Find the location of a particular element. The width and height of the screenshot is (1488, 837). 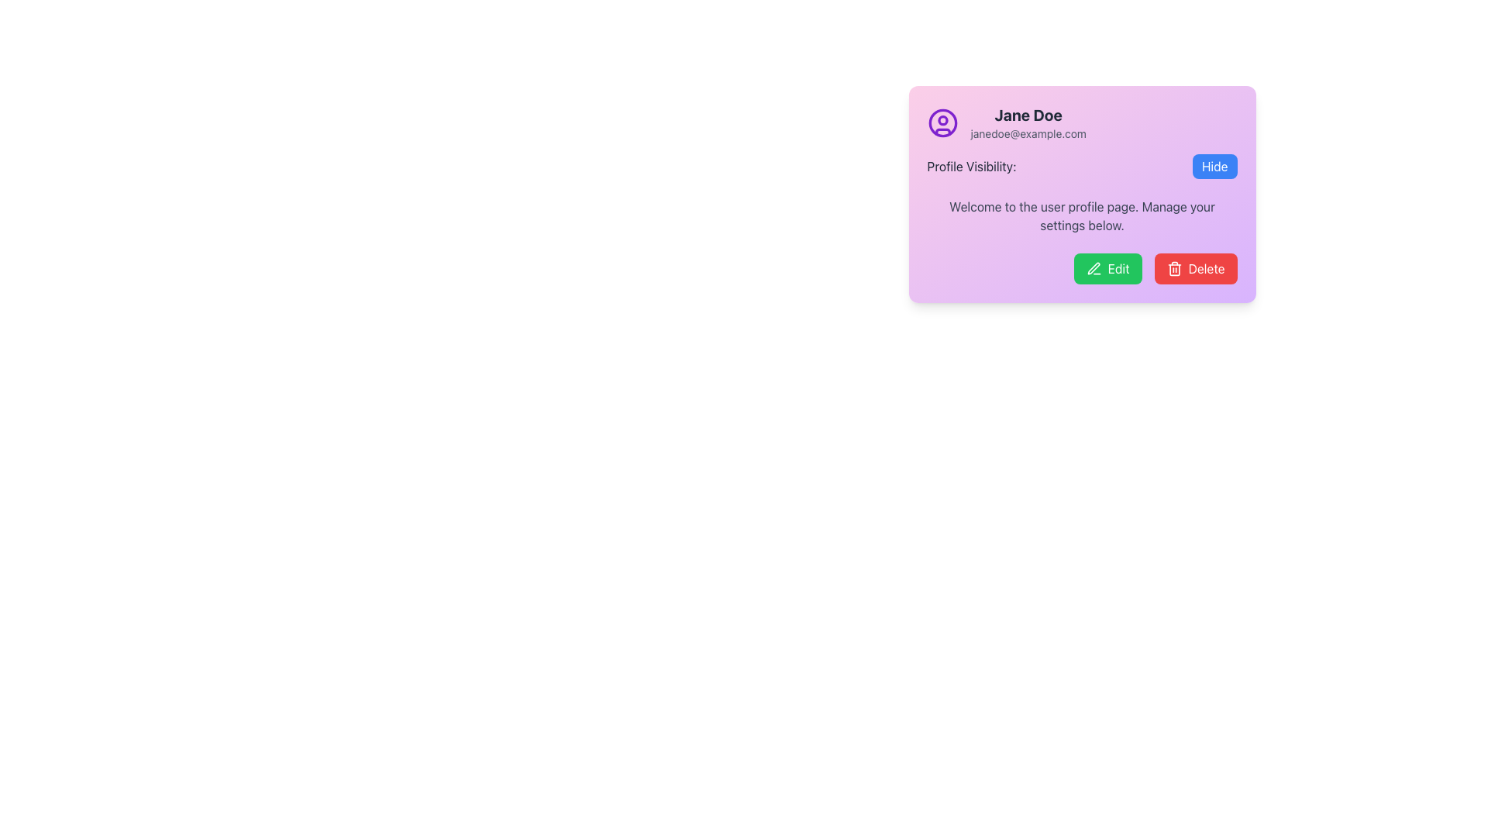

the user profile icon resembling a circle with a purple stroke located at the top-left corner of the user profile card is located at coordinates (942, 122).